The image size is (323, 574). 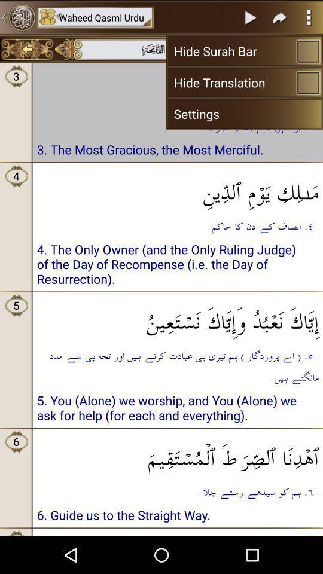 I want to click on the redo icon, so click(x=280, y=18).